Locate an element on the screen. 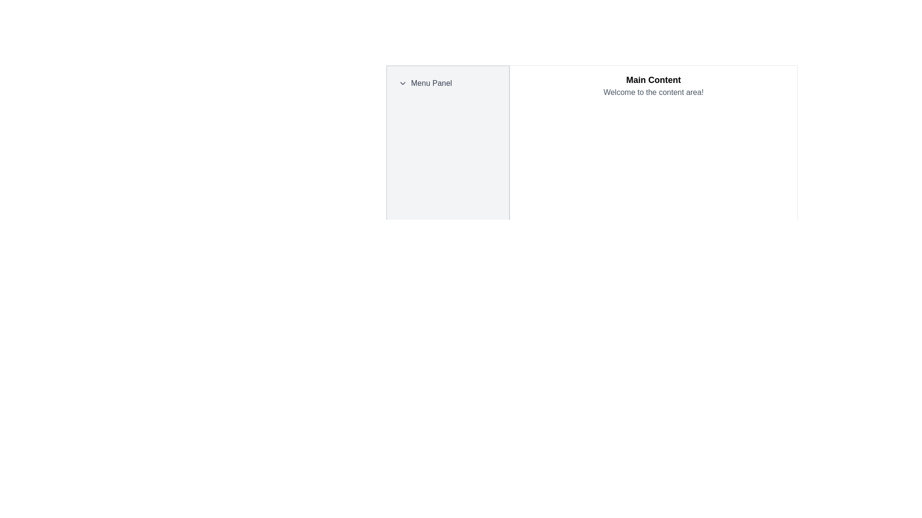  text content of the descriptive title text label located at the top-left corner of the left-hand panel, to the right of the chevron icon is located at coordinates (431, 82).